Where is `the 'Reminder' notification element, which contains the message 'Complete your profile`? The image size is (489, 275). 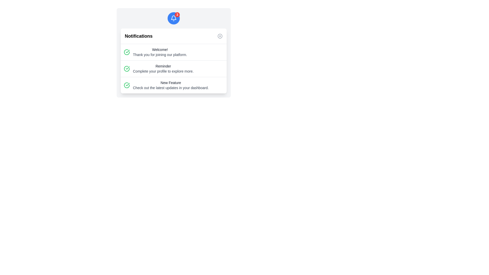
the 'Reminder' notification element, which contains the message 'Complete your profile is located at coordinates (173, 69).